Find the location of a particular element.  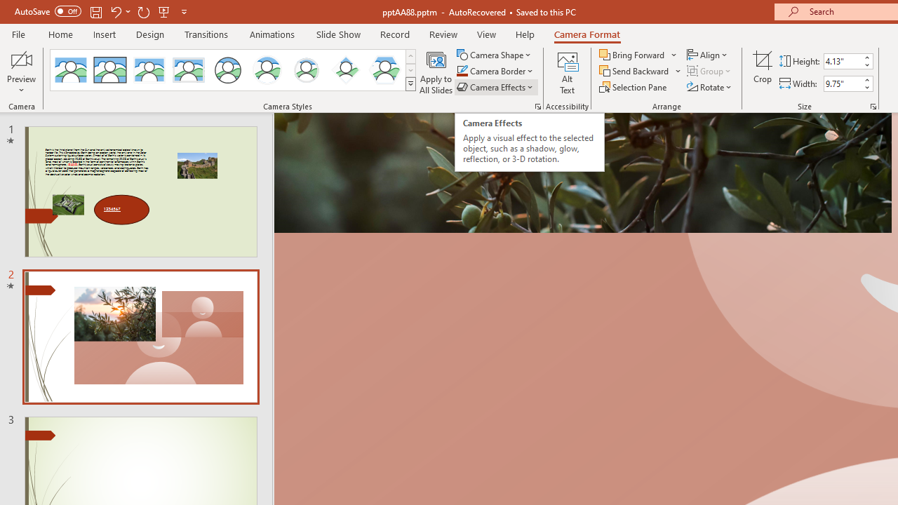

'Cameo Height' is located at coordinates (842, 60).